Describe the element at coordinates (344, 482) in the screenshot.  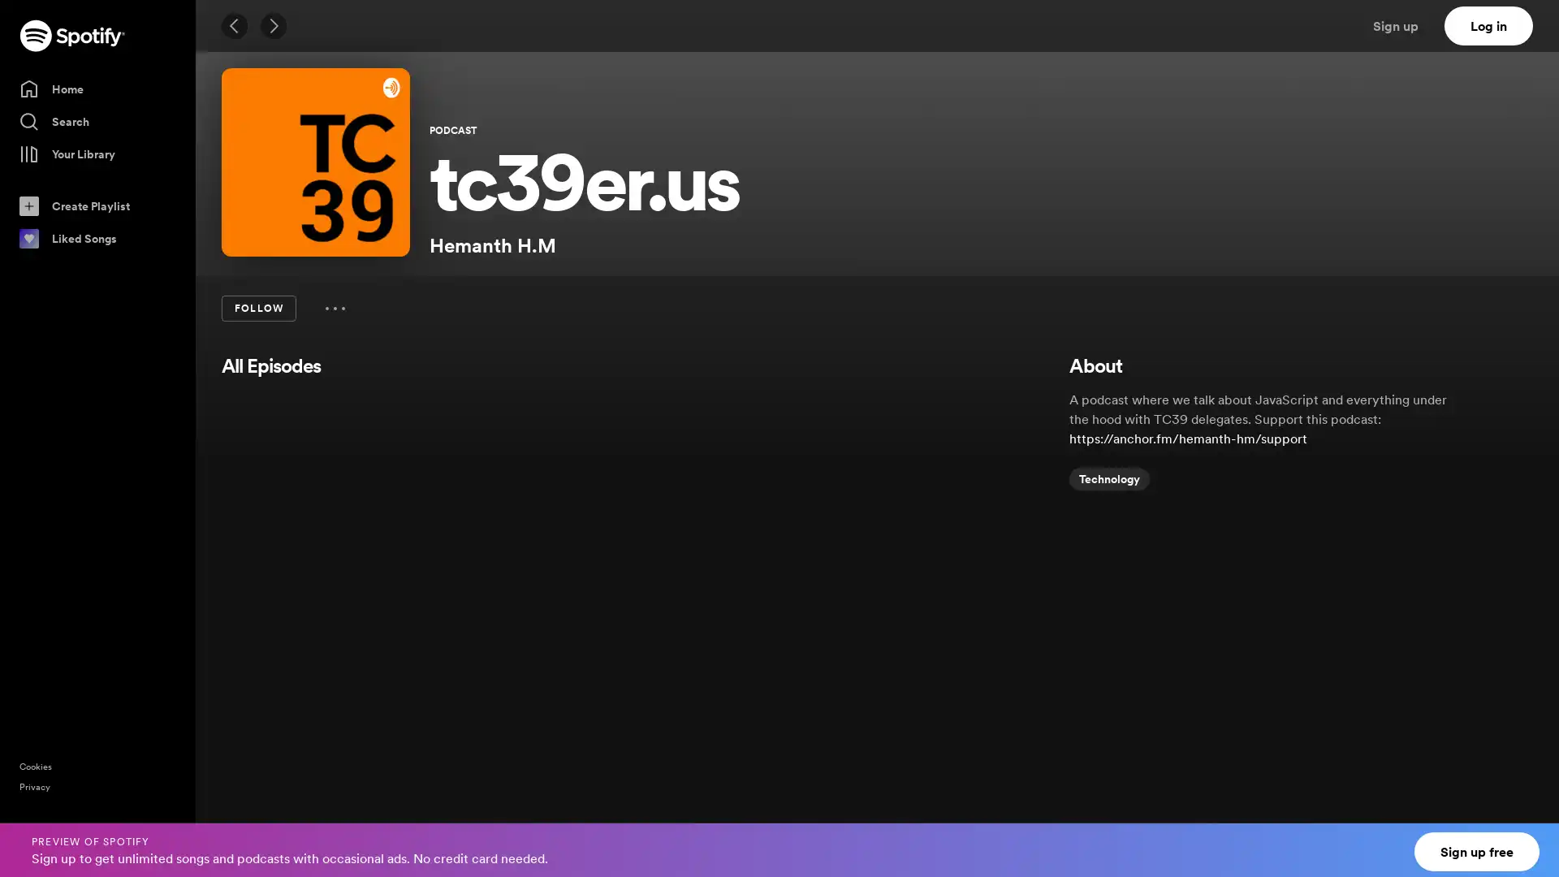
I see `Play Justin Ridgewell by tc39er.us` at that location.